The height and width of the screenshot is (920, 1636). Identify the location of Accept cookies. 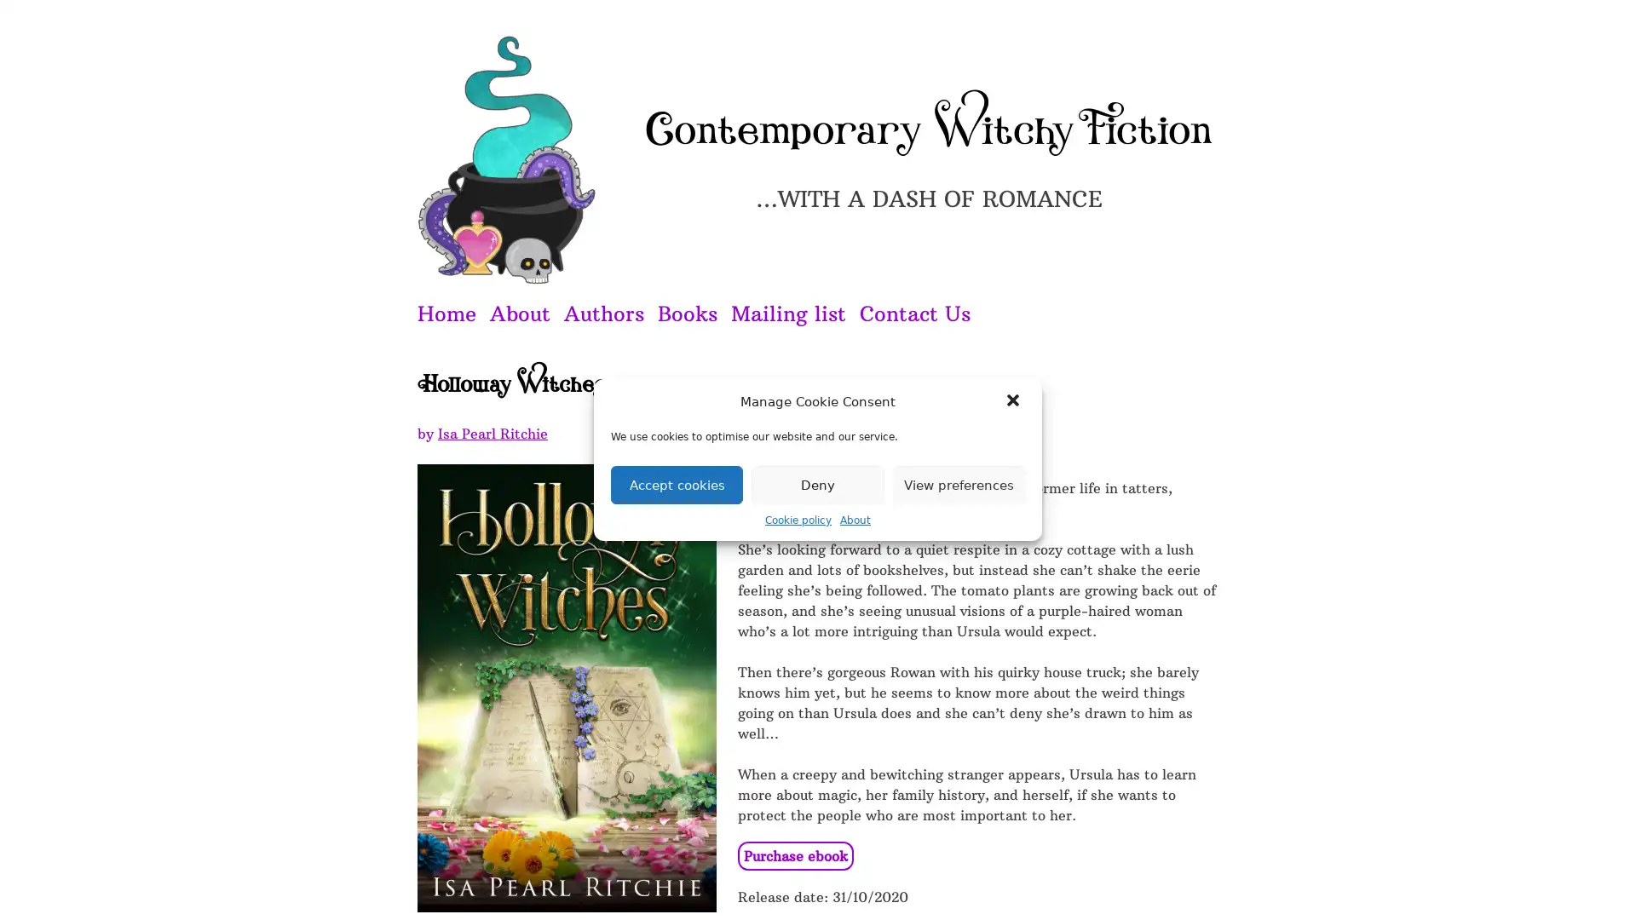
(676, 485).